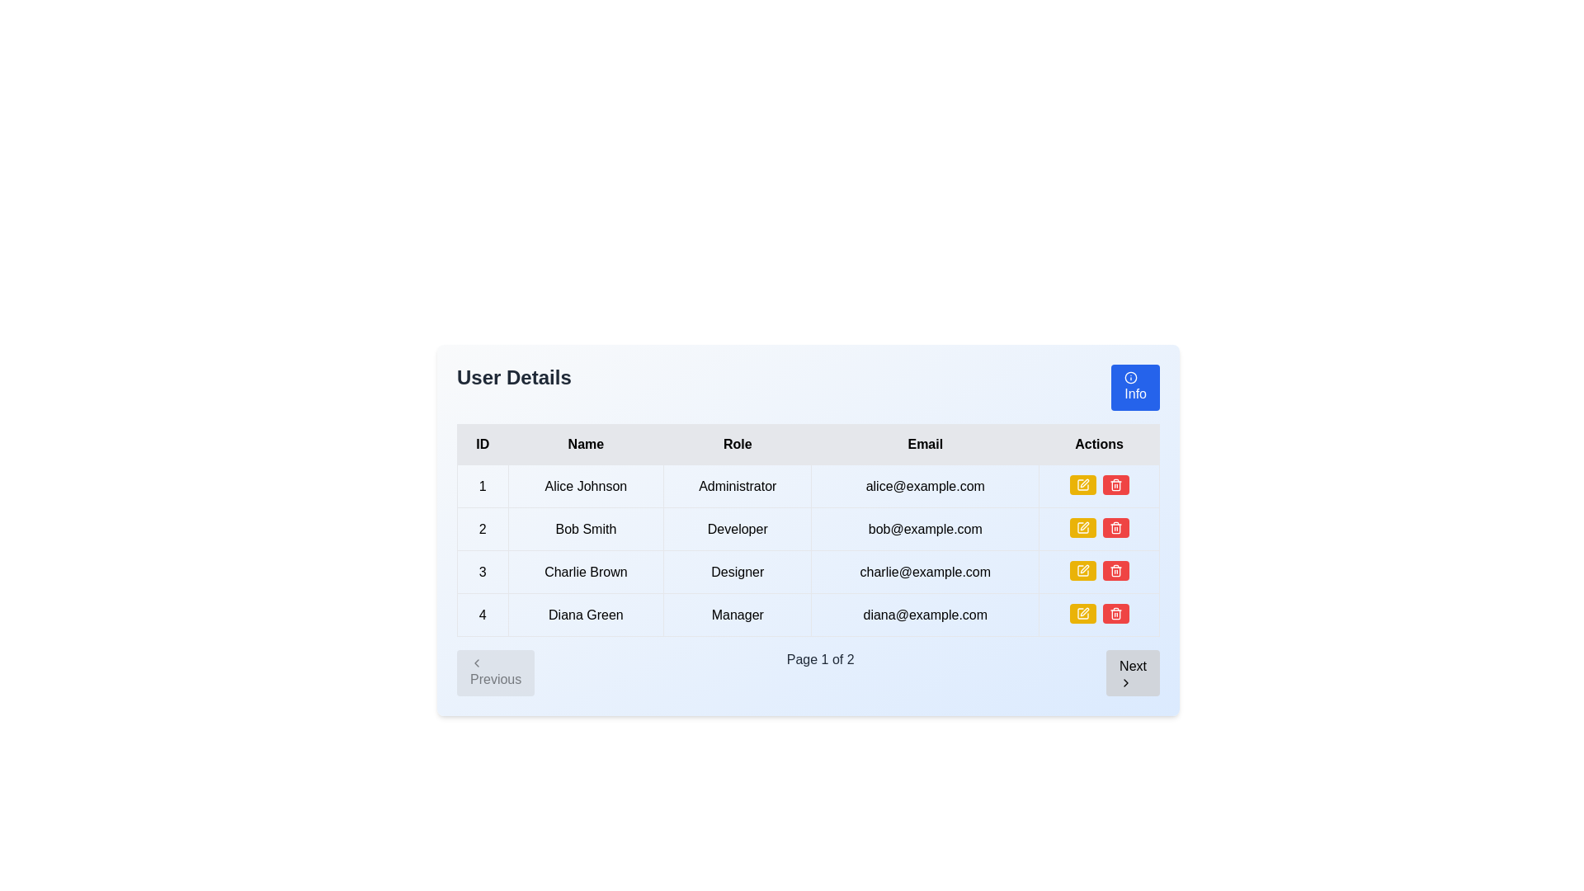  Describe the element at coordinates (808, 614) in the screenshot. I see `to select the table row containing information for 'Diana Green', which includes ID '4', name 'Diana Green', role 'Manager', and email 'diana@example.com'` at that location.